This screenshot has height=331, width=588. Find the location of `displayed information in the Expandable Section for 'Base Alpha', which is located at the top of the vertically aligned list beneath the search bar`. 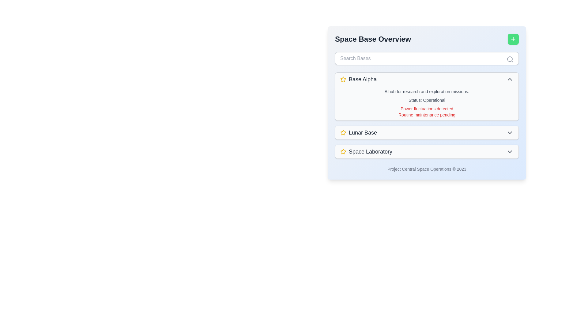

displayed information in the Expandable Section for 'Base Alpha', which is located at the top of the vertically aligned list beneath the search bar is located at coordinates (426, 102).